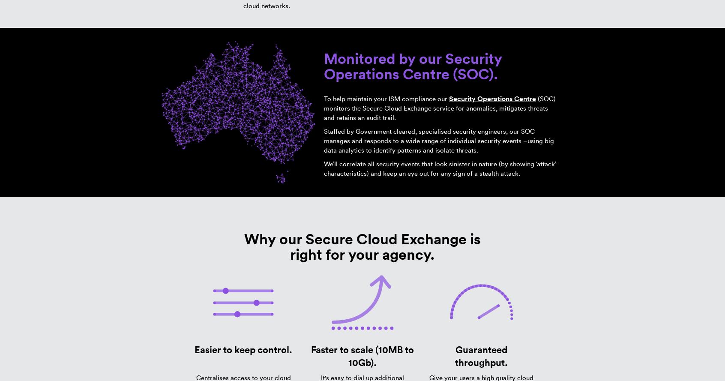  What do you see at coordinates (311, 355) in the screenshot?
I see `'Faster to scale (10MB to 10Gb).'` at bounding box center [311, 355].